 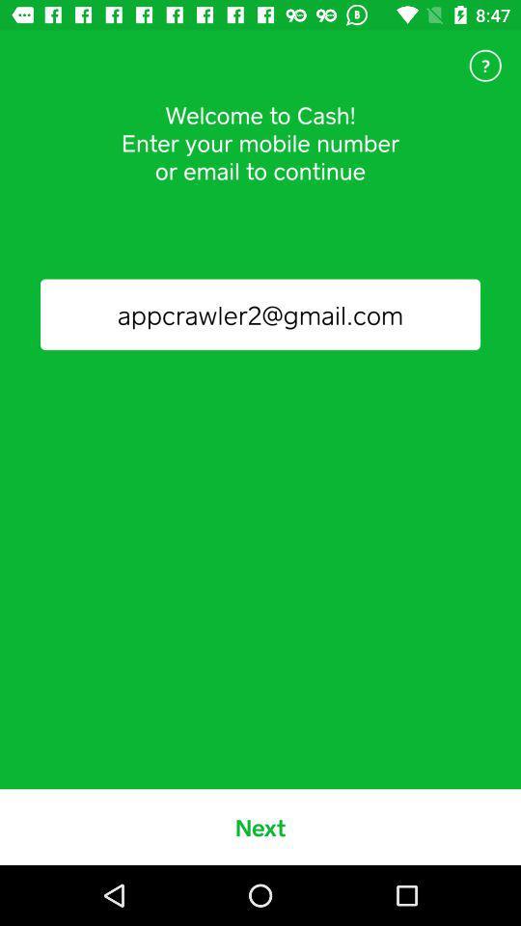 I want to click on icon above the appcrawler2@gmail.com item, so click(x=484, y=66).